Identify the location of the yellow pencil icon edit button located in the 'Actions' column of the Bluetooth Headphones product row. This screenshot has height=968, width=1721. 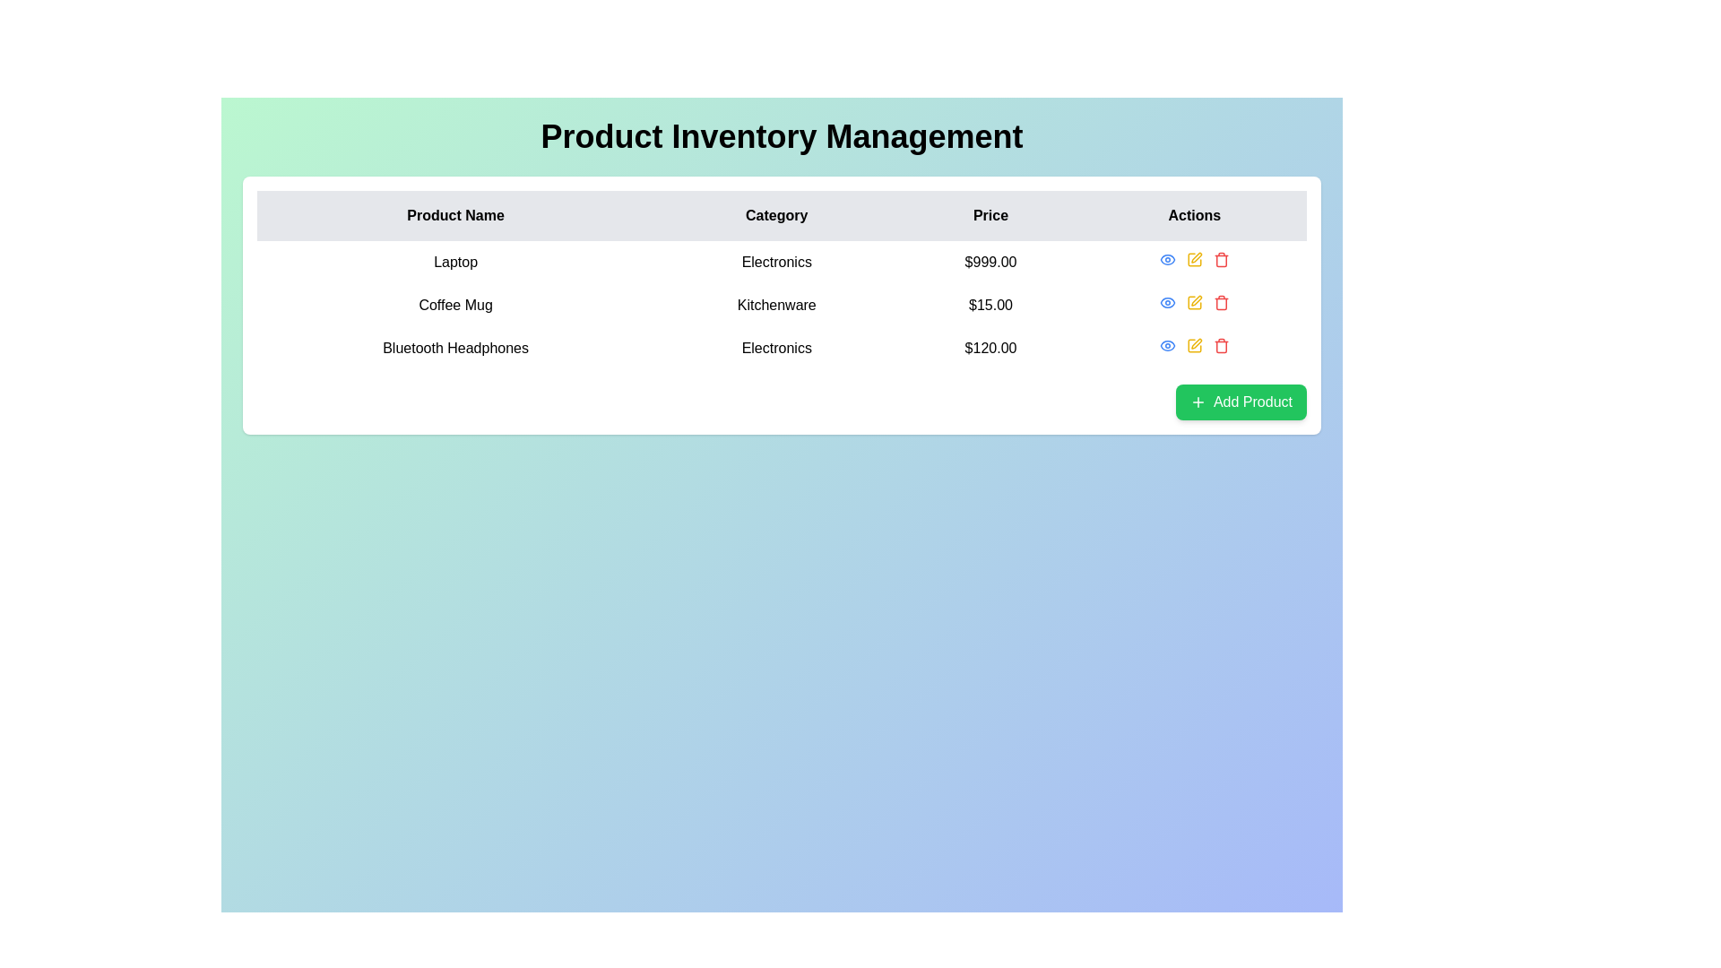
(1194, 345).